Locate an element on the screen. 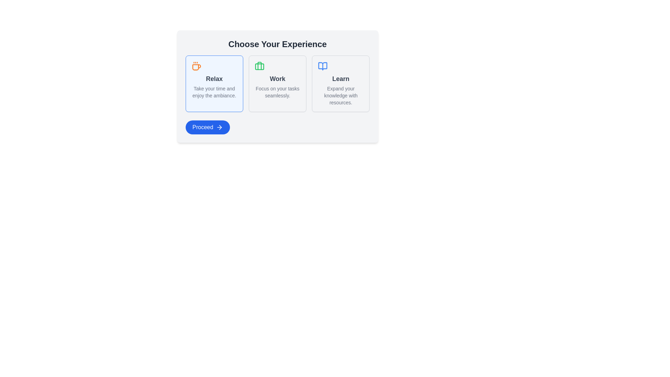  the blue open book icon located at the top-left corner of the 'Learn' card, which is the leftmost element within the card is located at coordinates (341, 66).